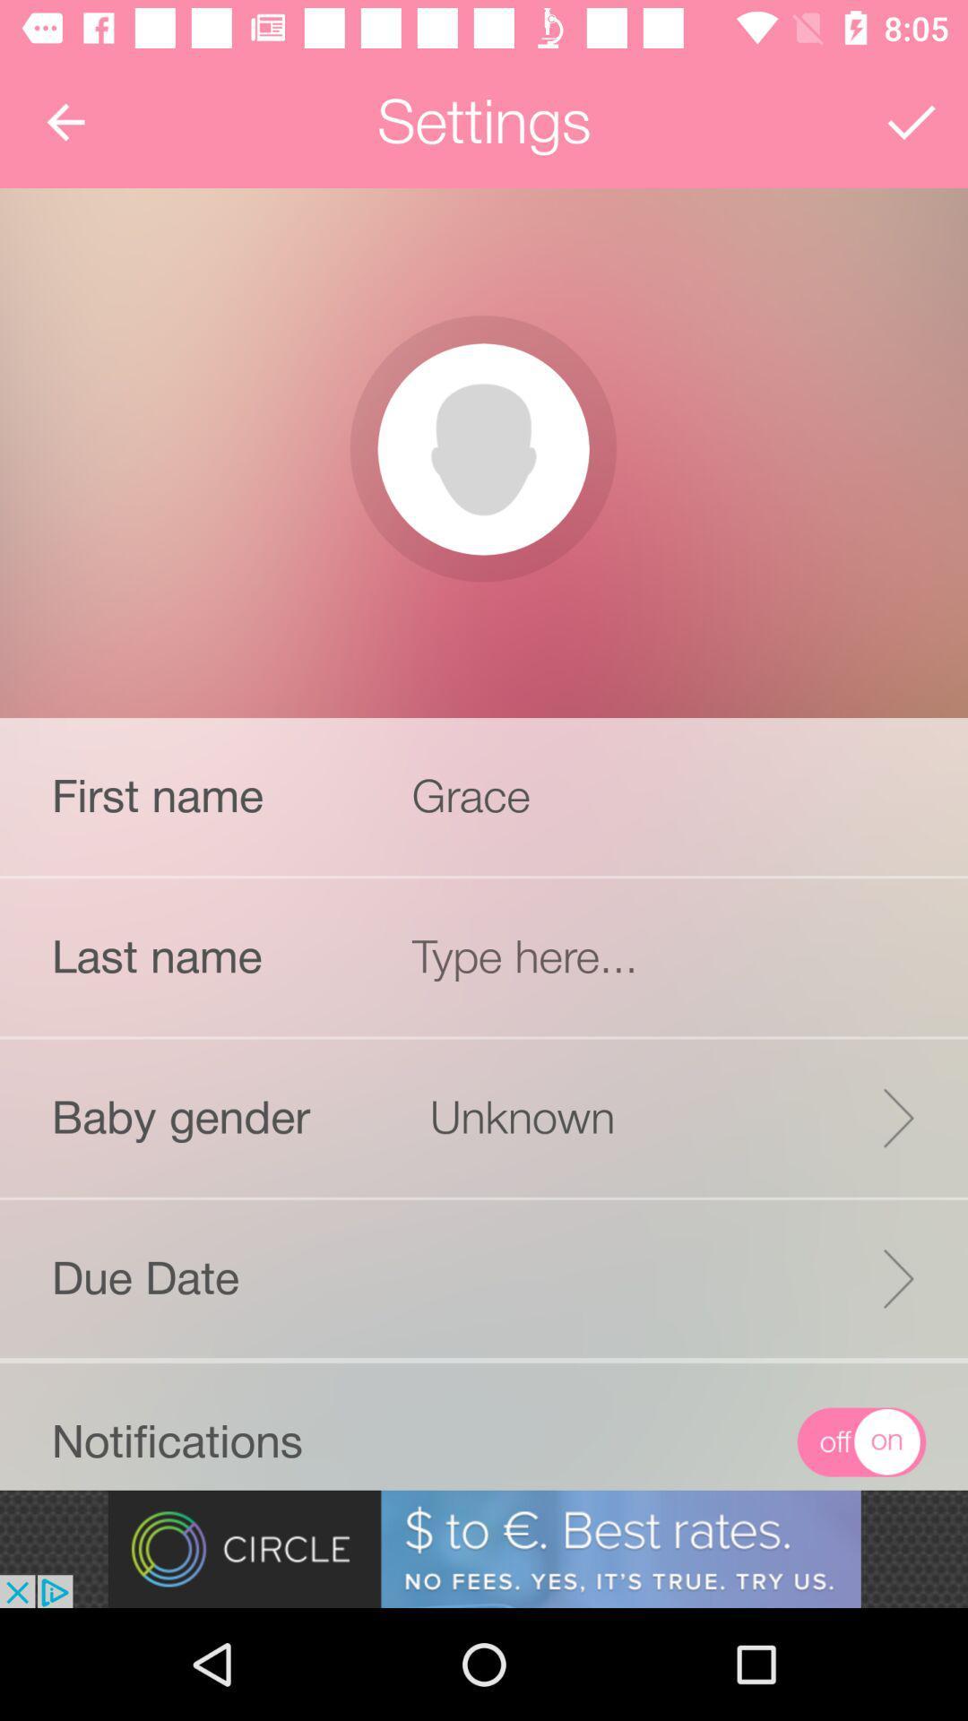 The image size is (968, 1721). Describe the element at coordinates (482, 449) in the screenshot. I see `picture` at that location.